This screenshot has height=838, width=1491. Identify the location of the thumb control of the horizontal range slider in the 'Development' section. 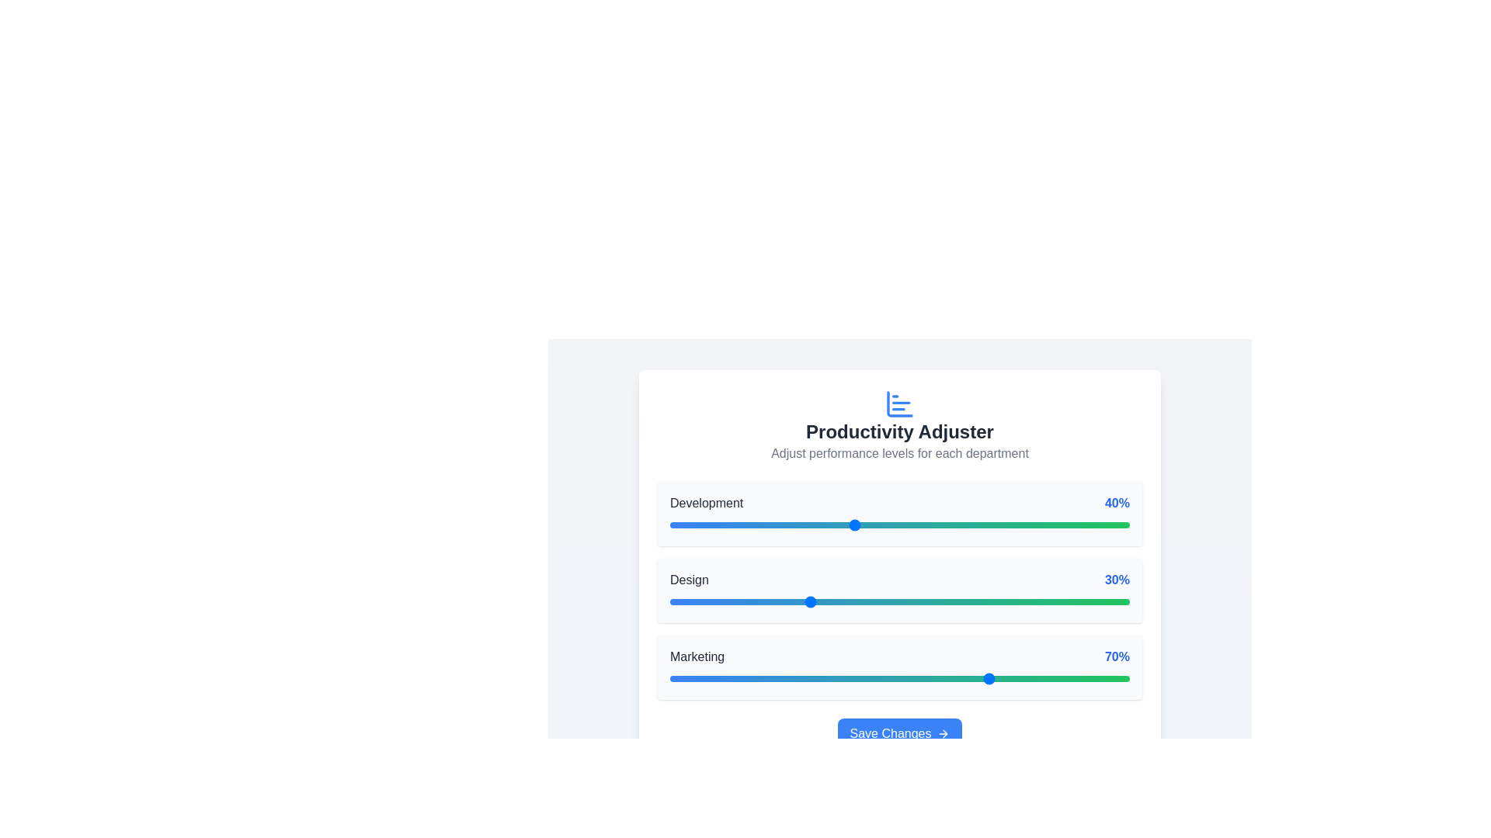
(899, 525).